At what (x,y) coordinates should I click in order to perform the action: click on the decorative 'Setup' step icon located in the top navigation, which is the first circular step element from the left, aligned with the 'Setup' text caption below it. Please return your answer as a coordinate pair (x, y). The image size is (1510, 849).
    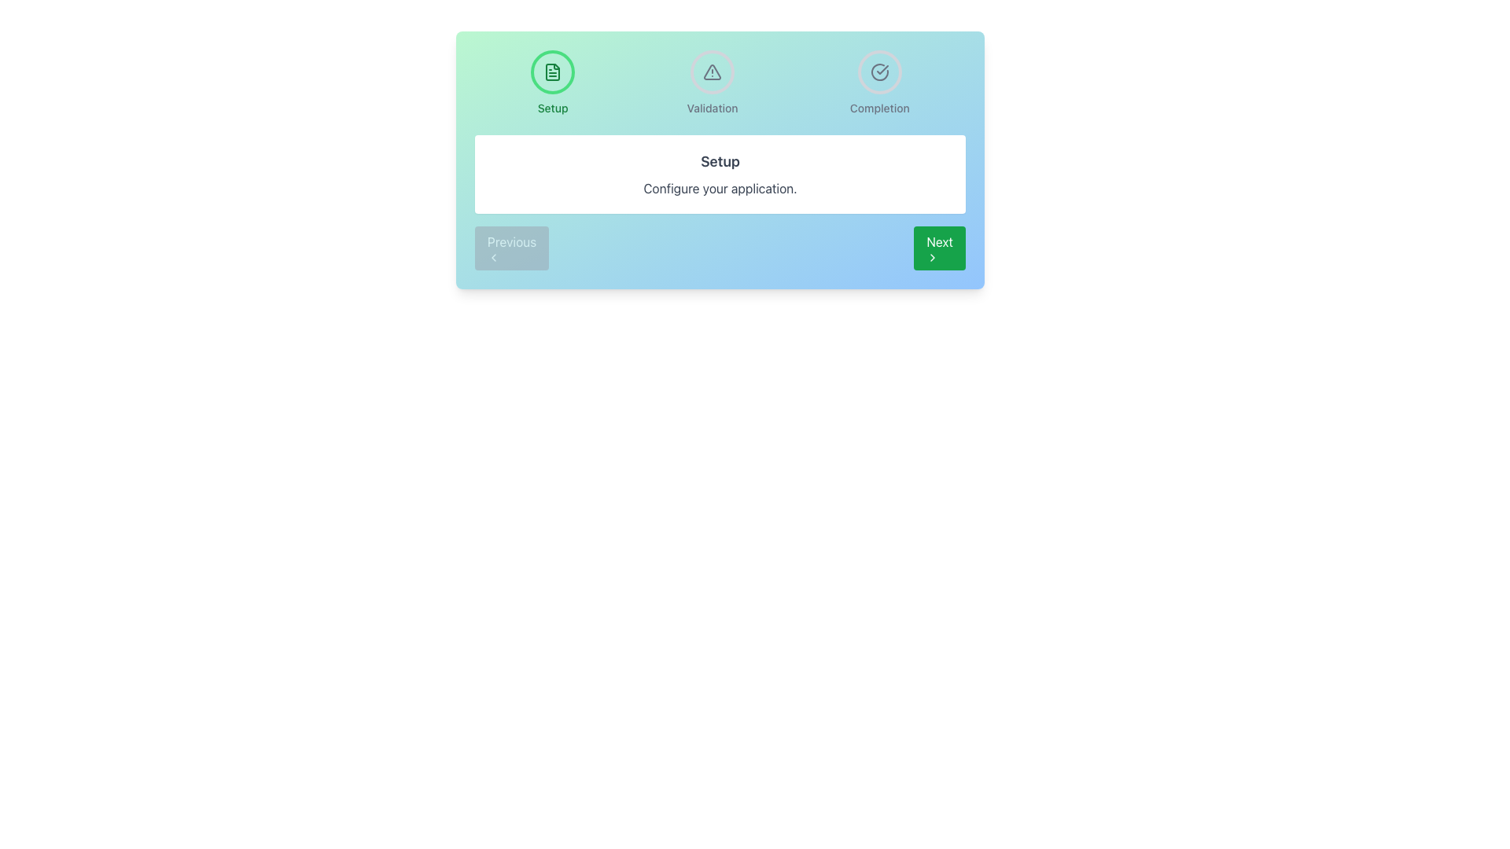
    Looking at the image, I should click on (553, 72).